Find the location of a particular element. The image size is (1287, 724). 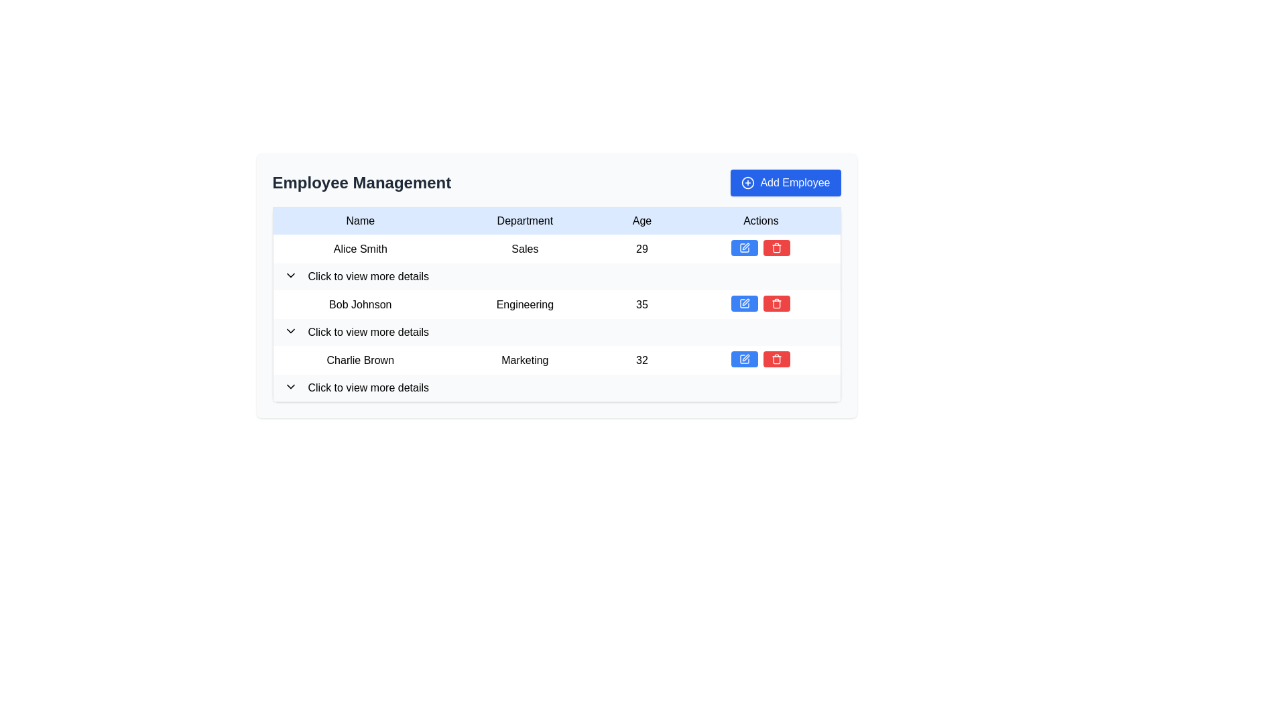

the Expandable row toggle for 'Alice Smith' is located at coordinates (556, 276).